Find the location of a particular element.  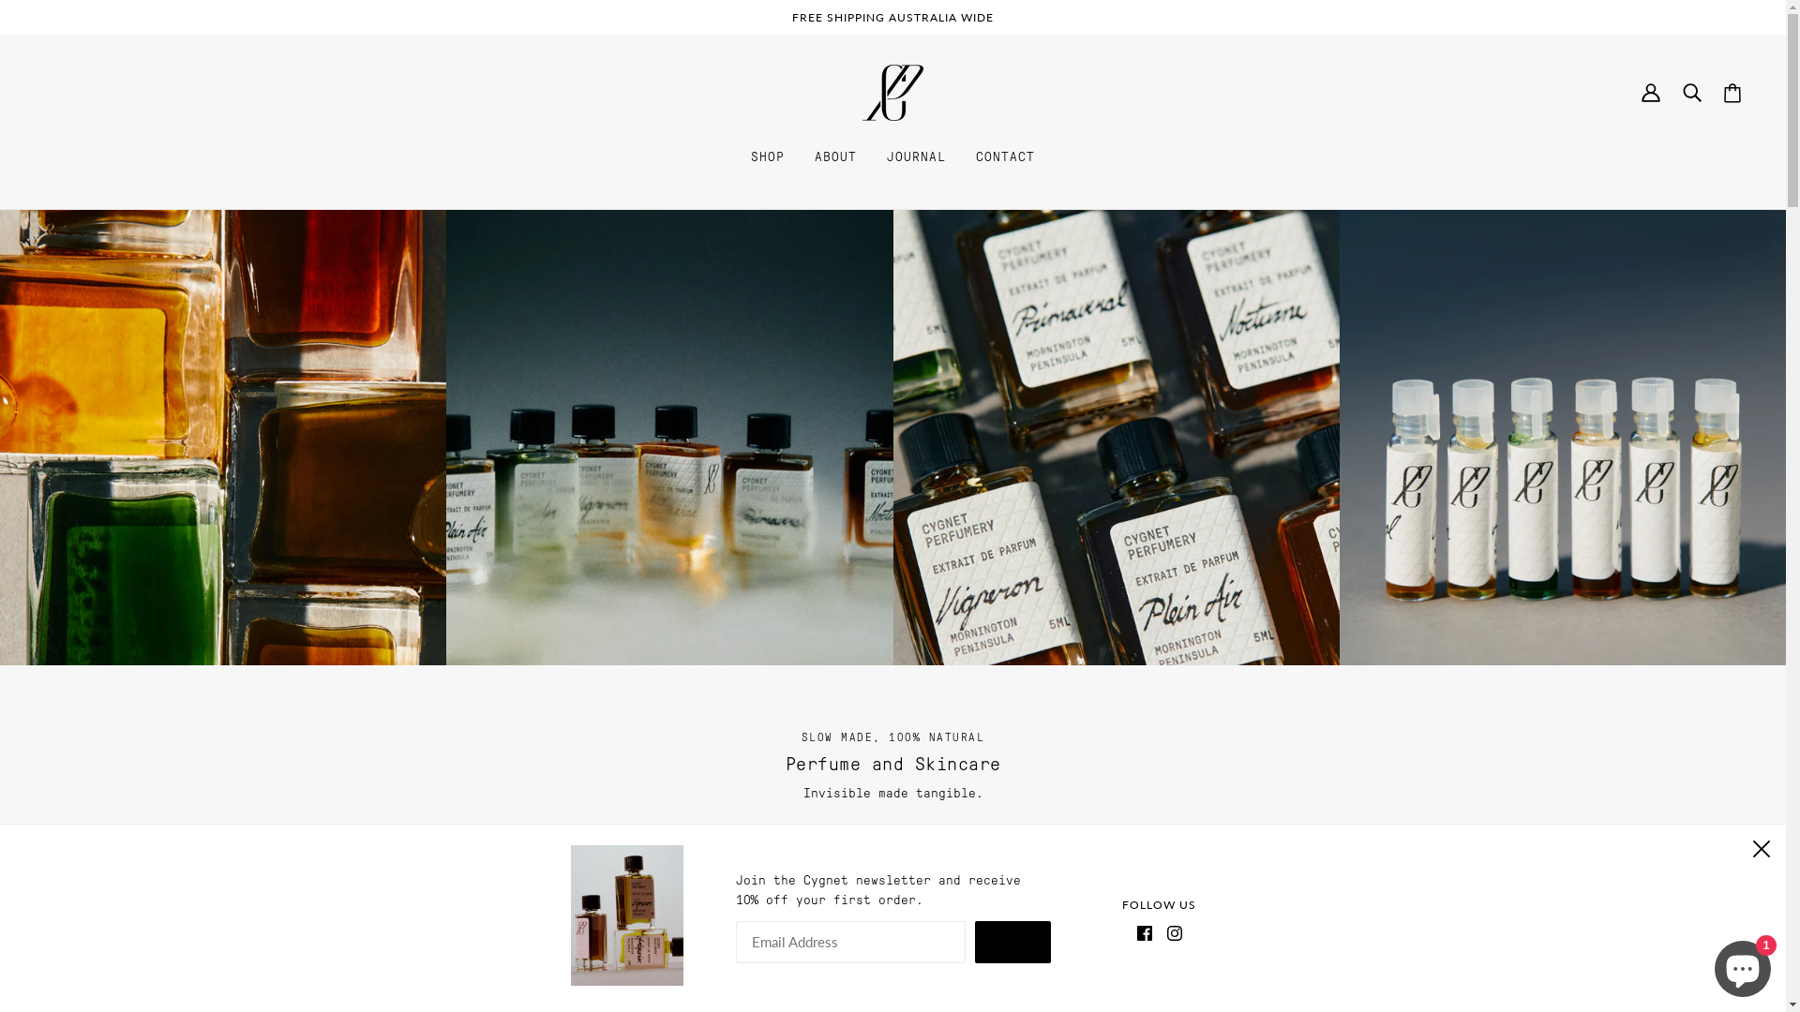

'JOURNAL' is located at coordinates (871, 156).